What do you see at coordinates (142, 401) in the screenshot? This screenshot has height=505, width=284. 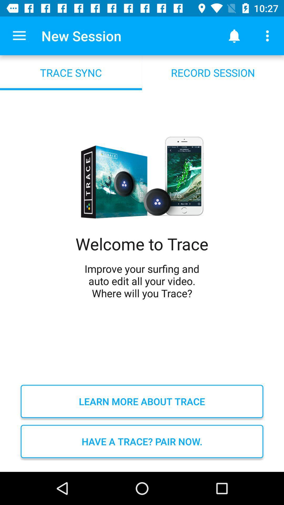 I see `icon below improve your surfing item` at bounding box center [142, 401].